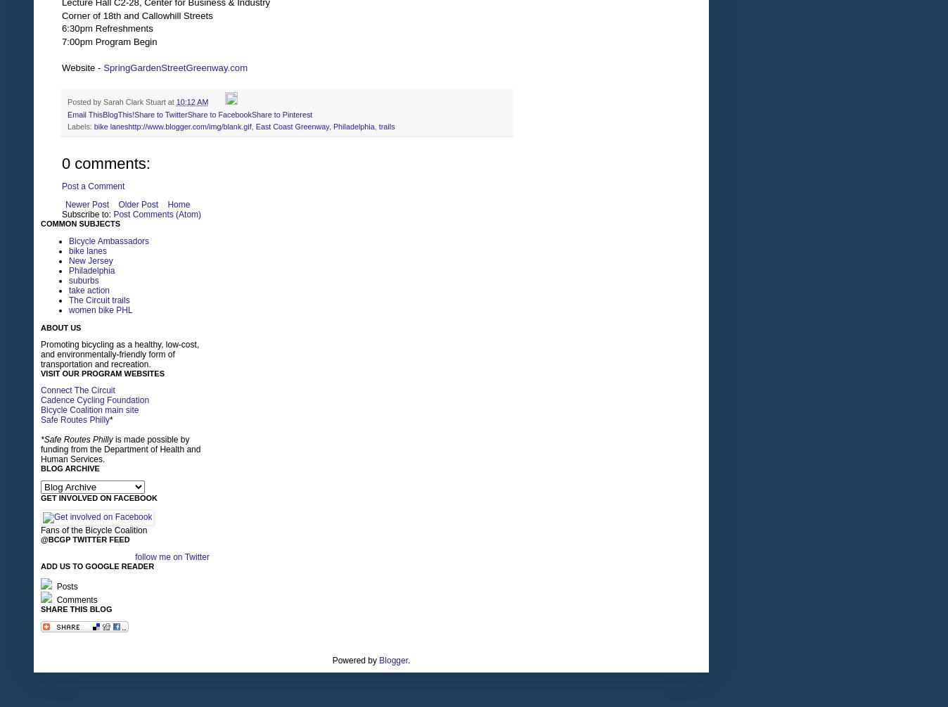 This screenshot has width=948, height=707. I want to click on 'Labels:', so click(79, 125).